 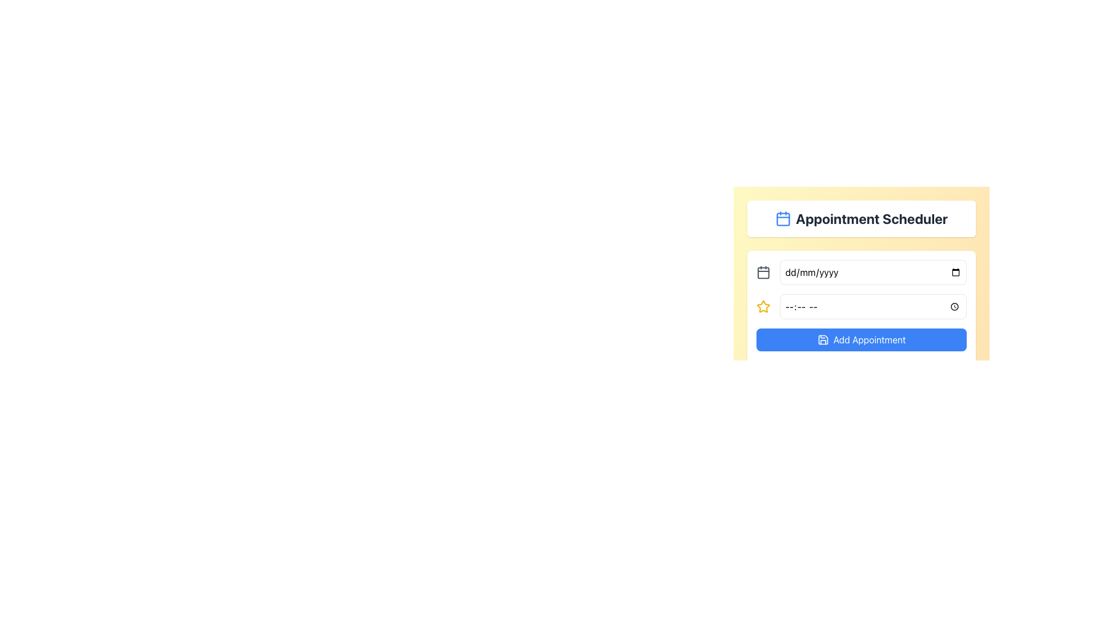 What do you see at coordinates (823, 339) in the screenshot?
I see `the interactive save icon located to the left of the 'Add Appointment' button, which features a minimalistic blue and white design` at bounding box center [823, 339].